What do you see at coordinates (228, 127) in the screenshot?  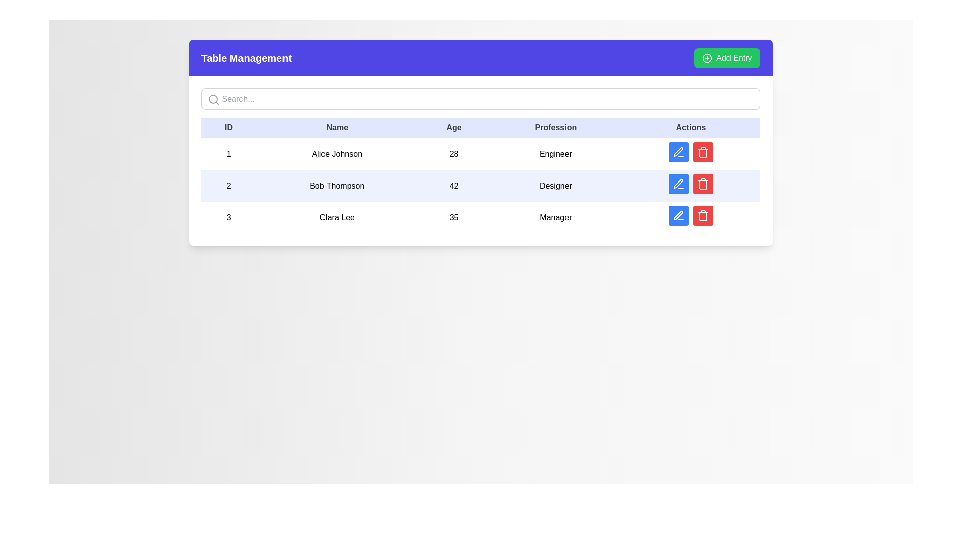 I see `the first table header cell that indicates the ID values for the table entries` at bounding box center [228, 127].